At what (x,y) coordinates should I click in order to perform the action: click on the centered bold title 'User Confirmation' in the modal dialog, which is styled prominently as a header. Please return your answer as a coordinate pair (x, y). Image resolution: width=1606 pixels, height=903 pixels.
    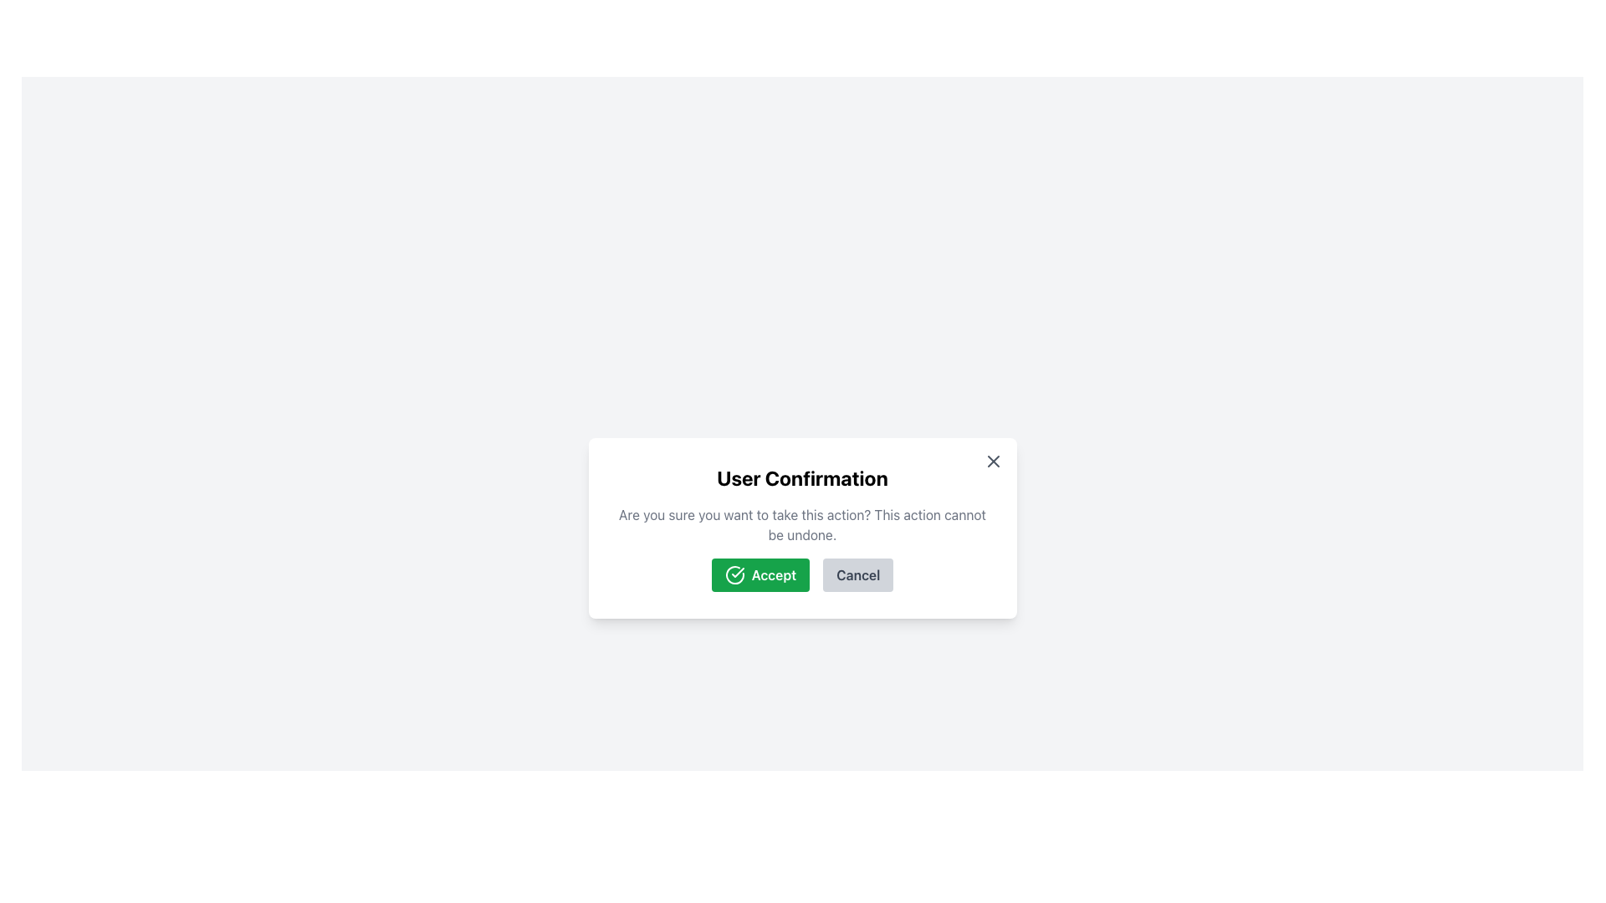
    Looking at the image, I should click on (801, 477).